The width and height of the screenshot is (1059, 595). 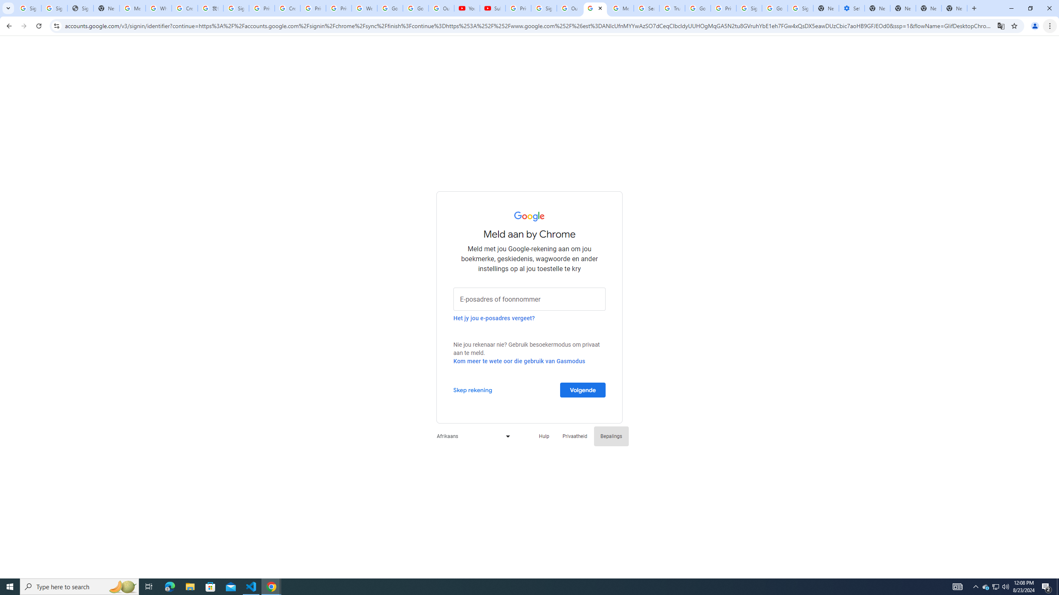 I want to click on 'Trusted Information and Content - Google Safety Center', so click(x=671, y=8).